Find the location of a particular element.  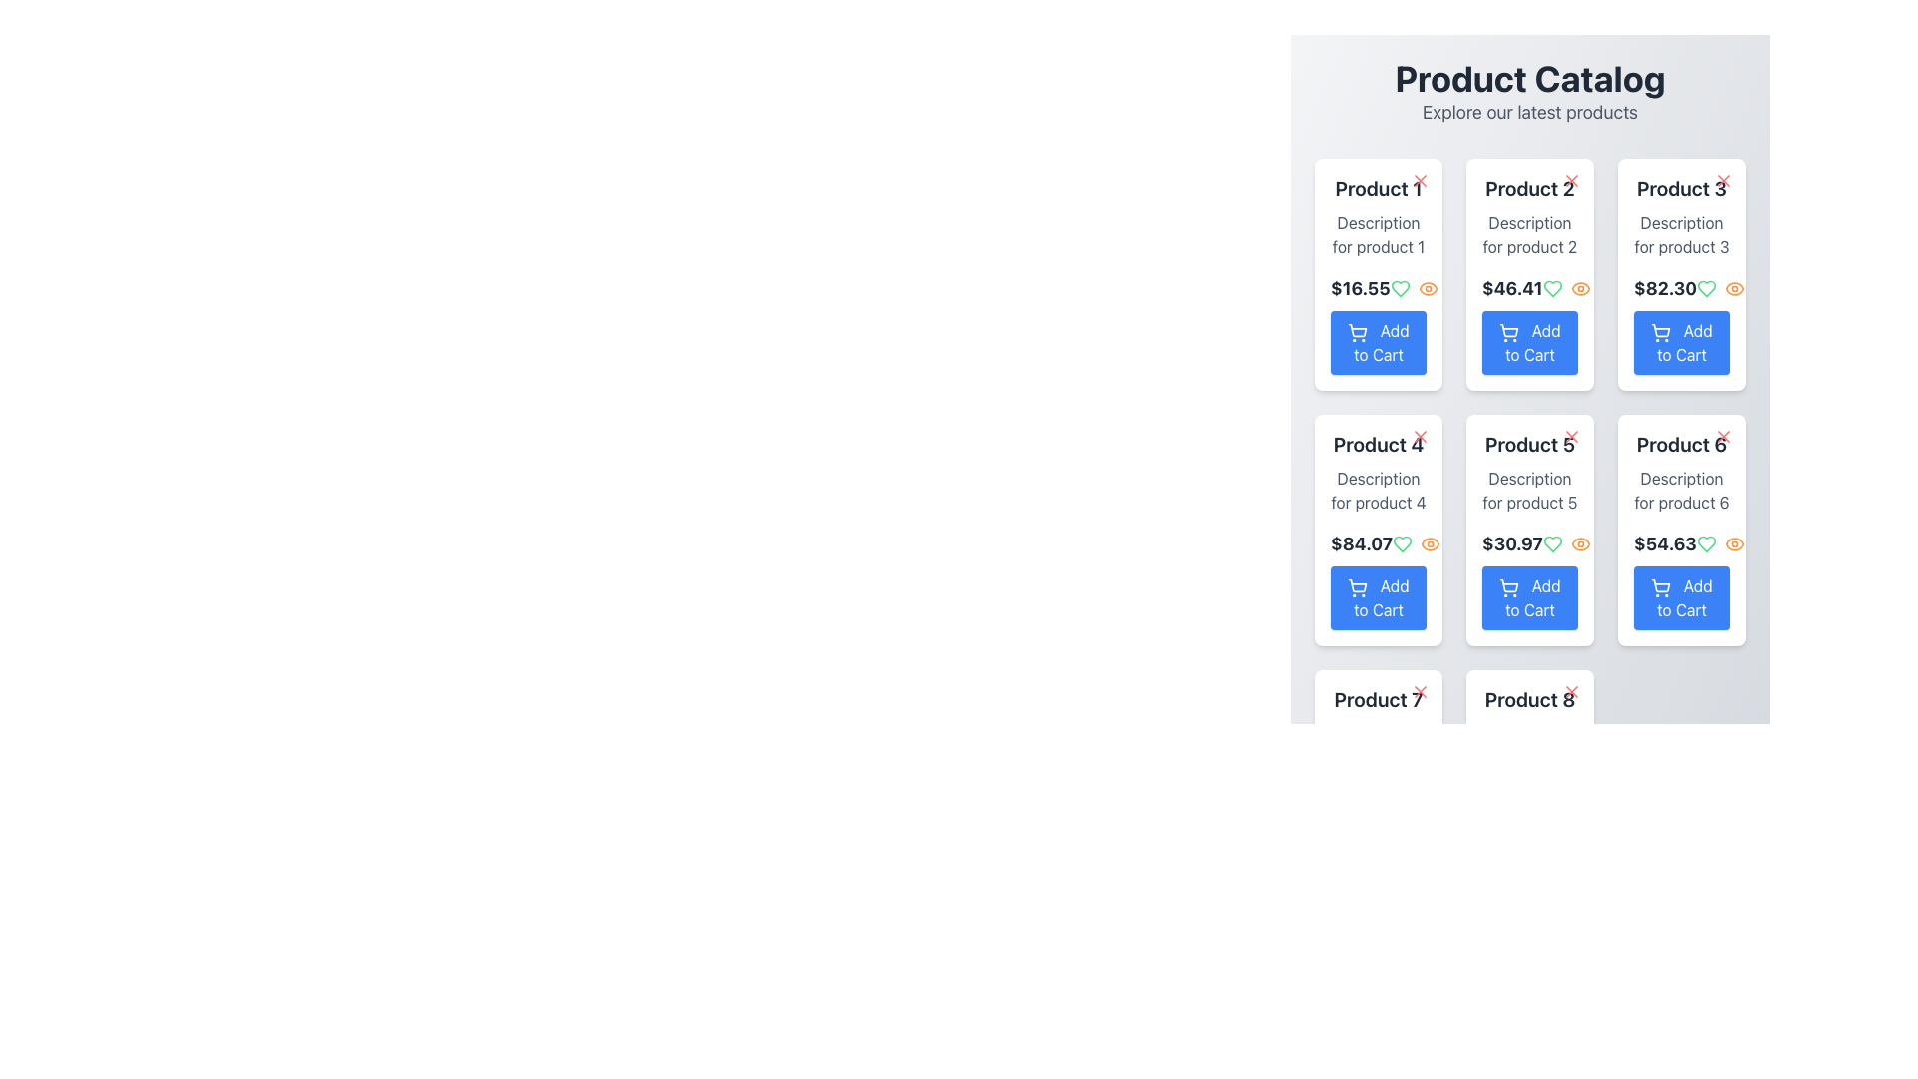

the small, red-colored SVG graphic resembling a cross or 'X' located in the top-right corner of the 'Product 2' card is located at coordinates (1571, 181).